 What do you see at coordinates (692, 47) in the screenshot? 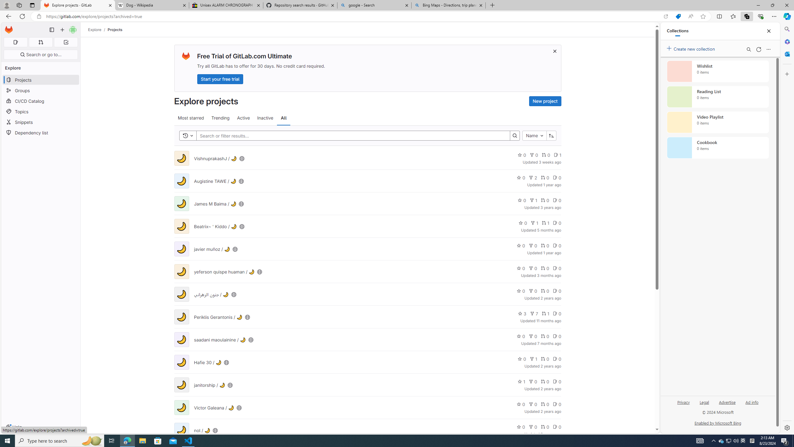
I see `'Create new collection'` at bounding box center [692, 47].